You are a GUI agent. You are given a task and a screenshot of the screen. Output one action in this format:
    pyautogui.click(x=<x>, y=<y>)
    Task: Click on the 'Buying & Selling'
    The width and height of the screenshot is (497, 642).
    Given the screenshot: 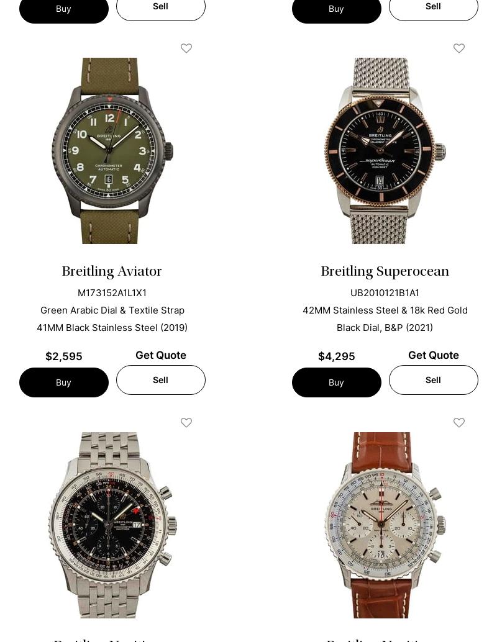 What is the action you would take?
    pyautogui.click(x=74, y=498)
    